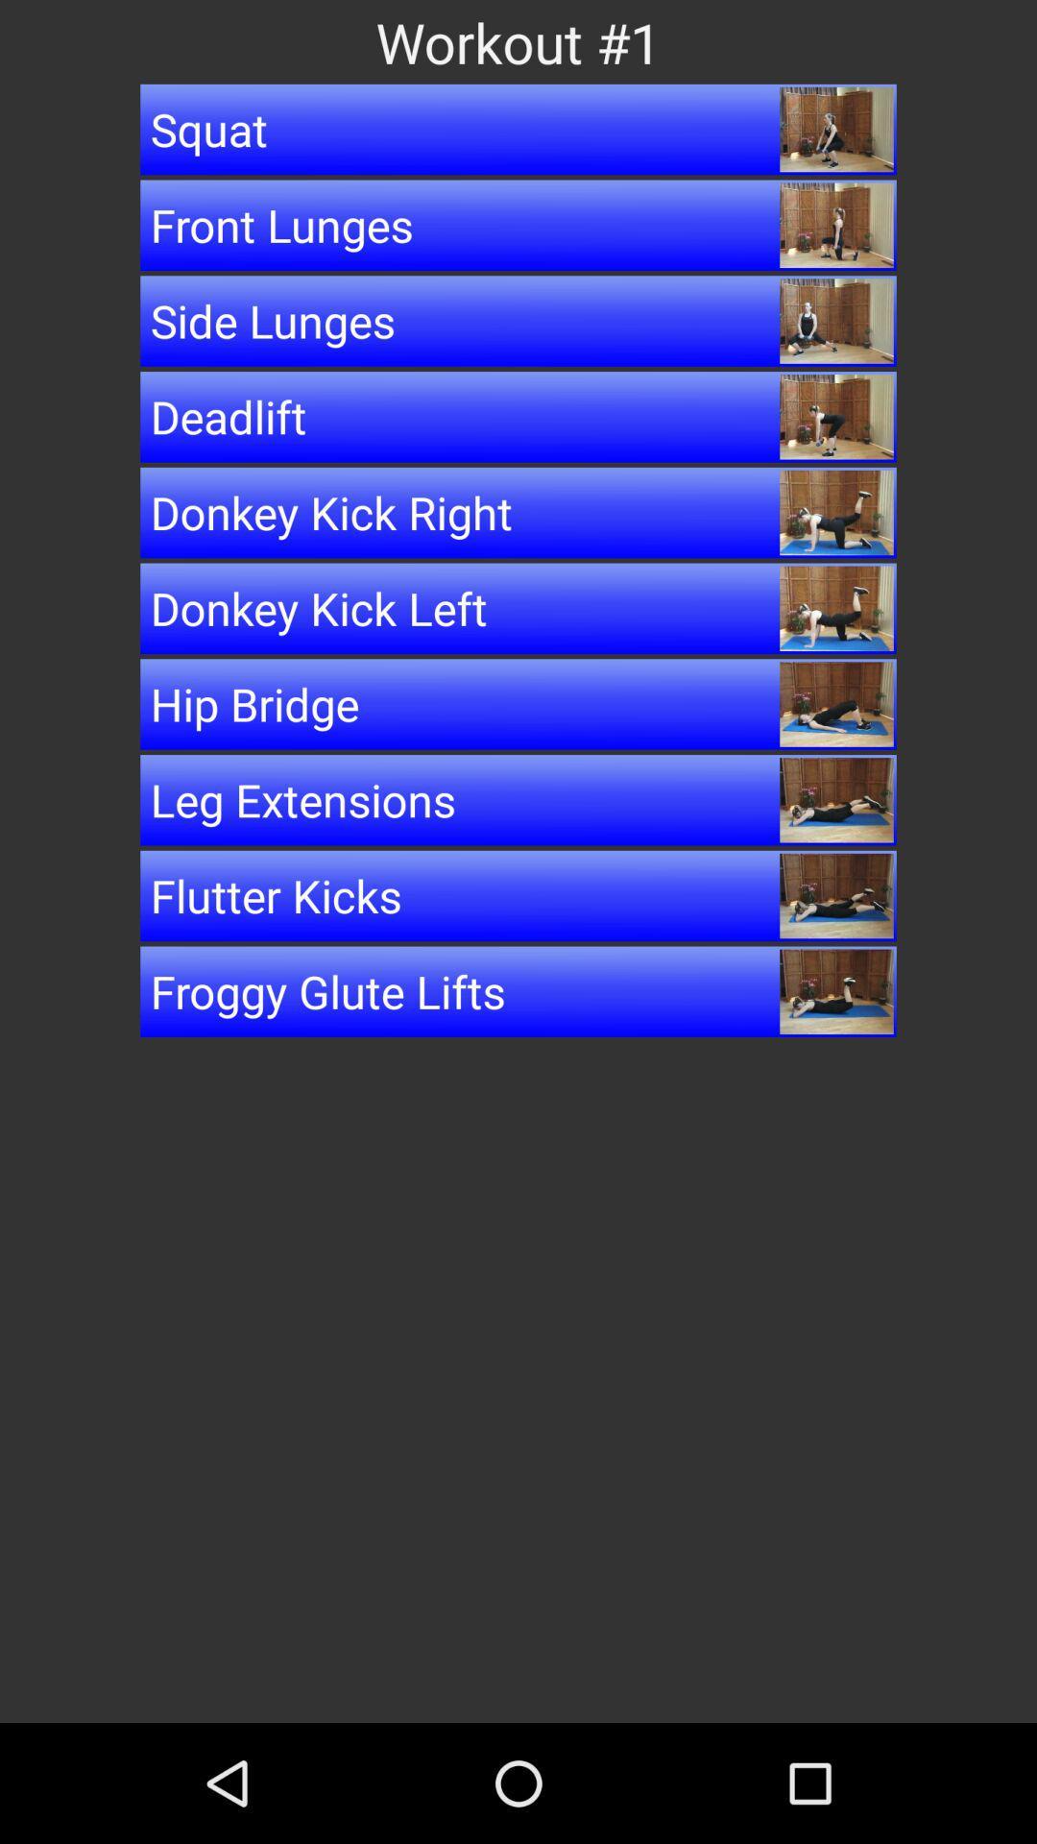 This screenshot has height=1844, width=1037. I want to click on item below the hip bridge item, so click(518, 800).